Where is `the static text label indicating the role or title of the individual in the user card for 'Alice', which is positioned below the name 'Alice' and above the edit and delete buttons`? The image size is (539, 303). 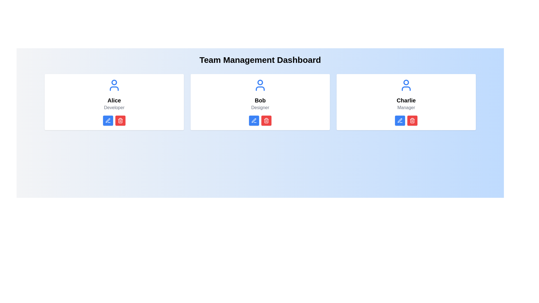 the static text label indicating the role or title of the individual in the user card for 'Alice', which is positioned below the name 'Alice' and above the edit and delete buttons is located at coordinates (114, 108).